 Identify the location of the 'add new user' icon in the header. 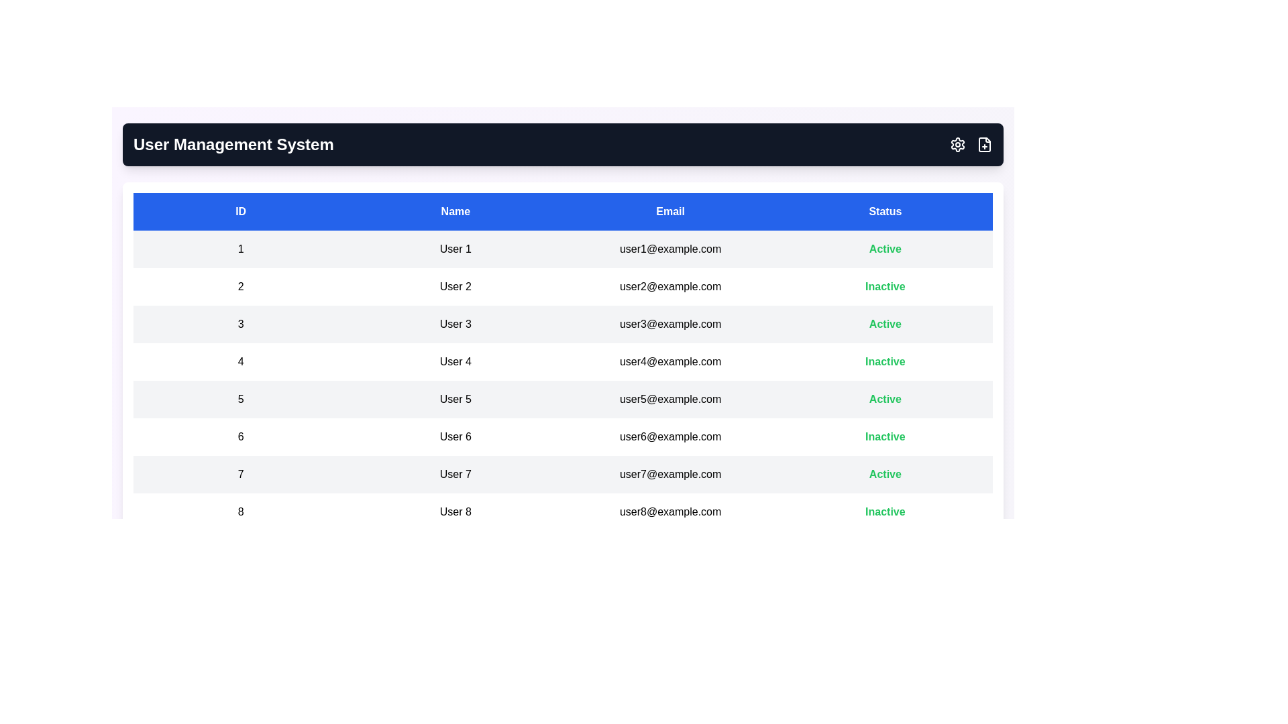
(985, 145).